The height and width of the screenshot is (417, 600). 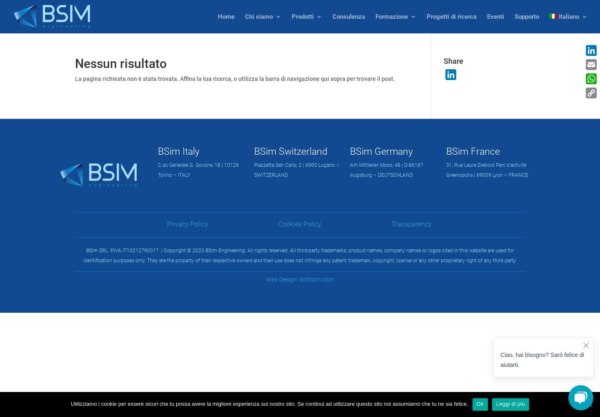 What do you see at coordinates (587, 68) in the screenshot?
I see `'Français'` at bounding box center [587, 68].